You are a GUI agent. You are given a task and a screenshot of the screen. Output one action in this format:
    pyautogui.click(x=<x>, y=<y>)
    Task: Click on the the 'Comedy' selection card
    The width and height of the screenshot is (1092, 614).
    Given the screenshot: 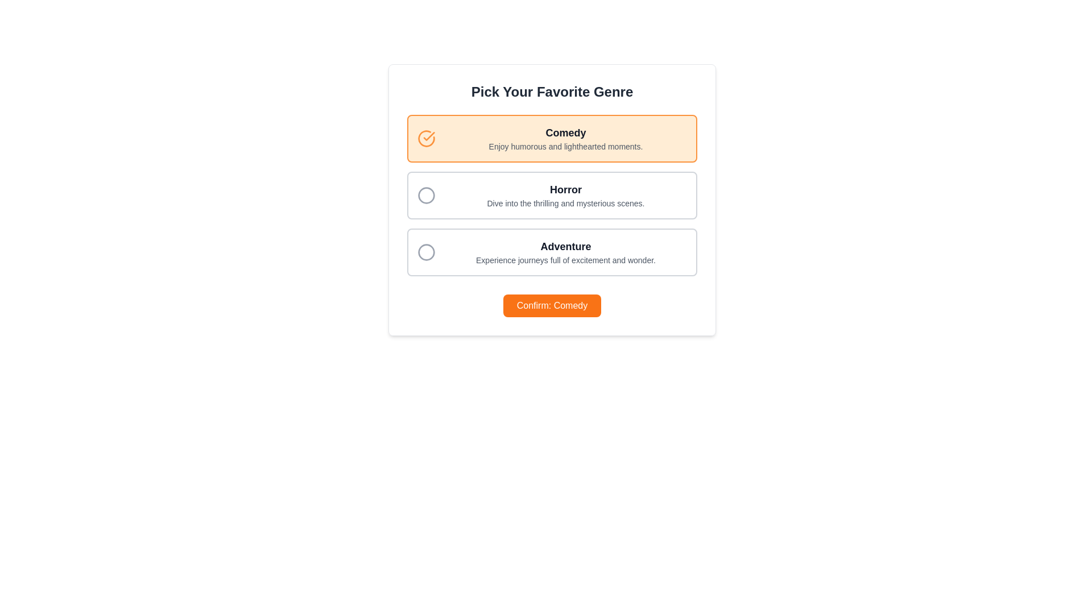 What is the action you would take?
    pyautogui.click(x=552, y=138)
    